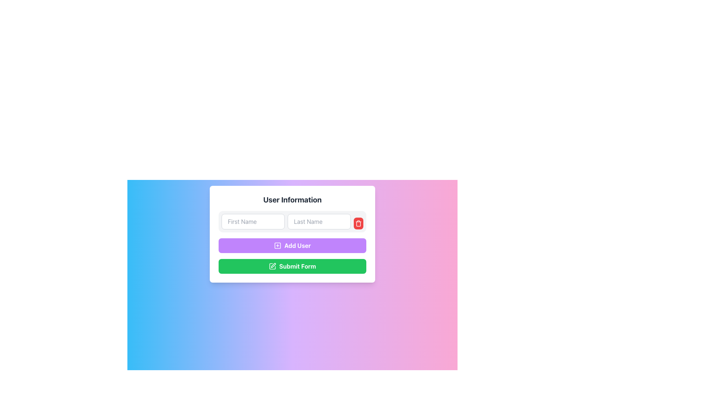 This screenshot has width=709, height=399. Describe the element at coordinates (358, 224) in the screenshot. I see `the body of the trash can icon` at that location.